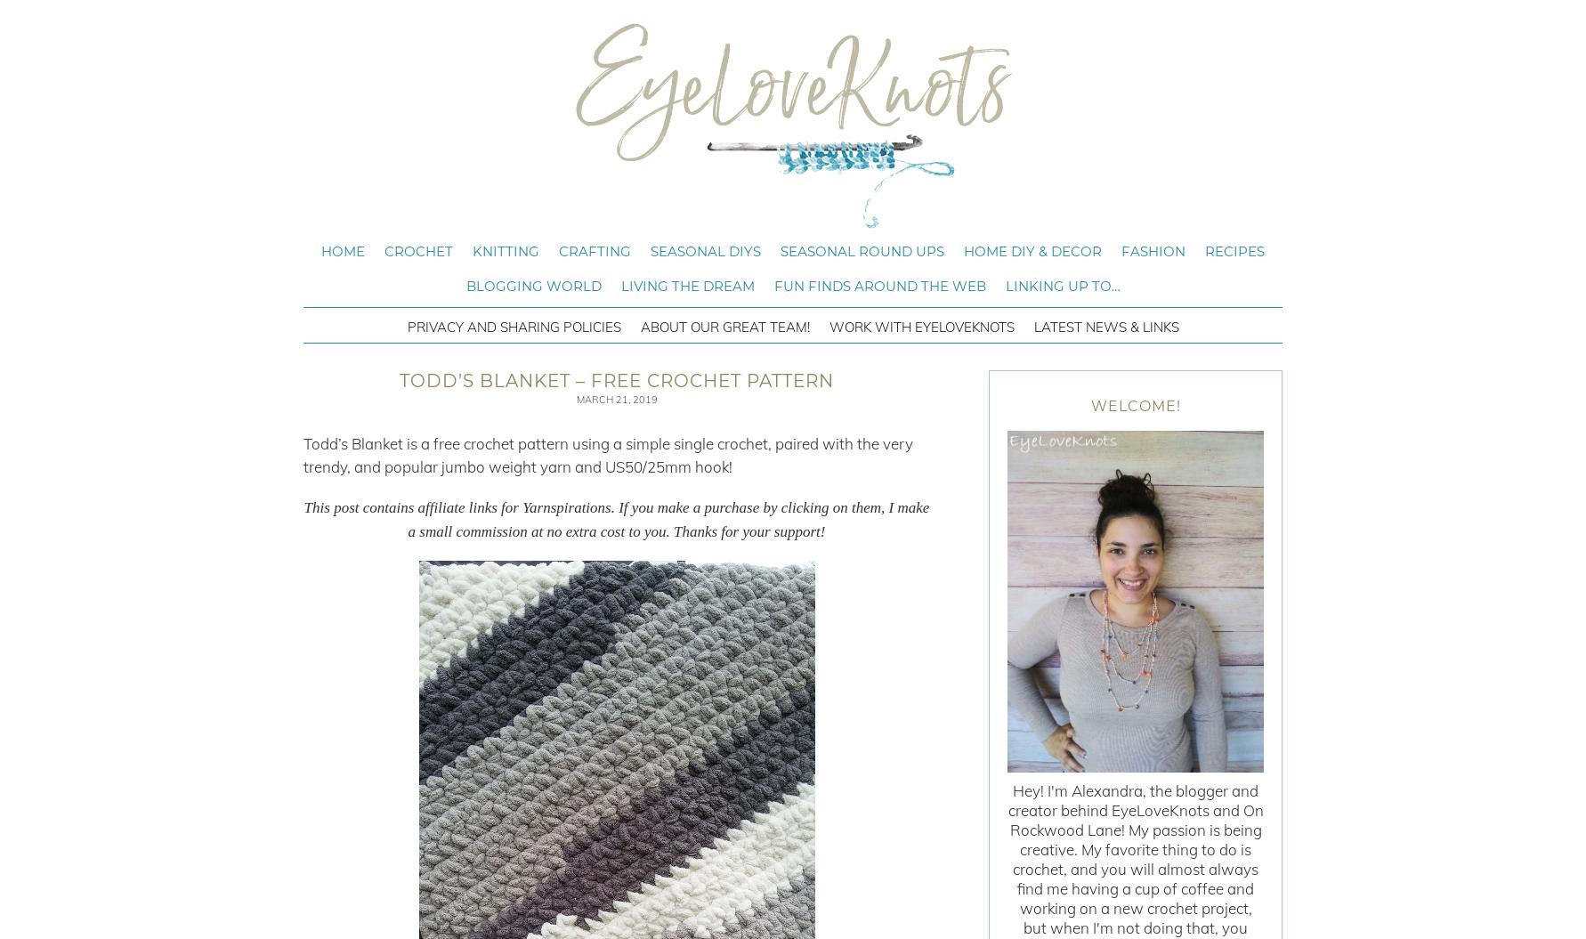  I want to click on 'About Our GREAT Team!', so click(640, 327).